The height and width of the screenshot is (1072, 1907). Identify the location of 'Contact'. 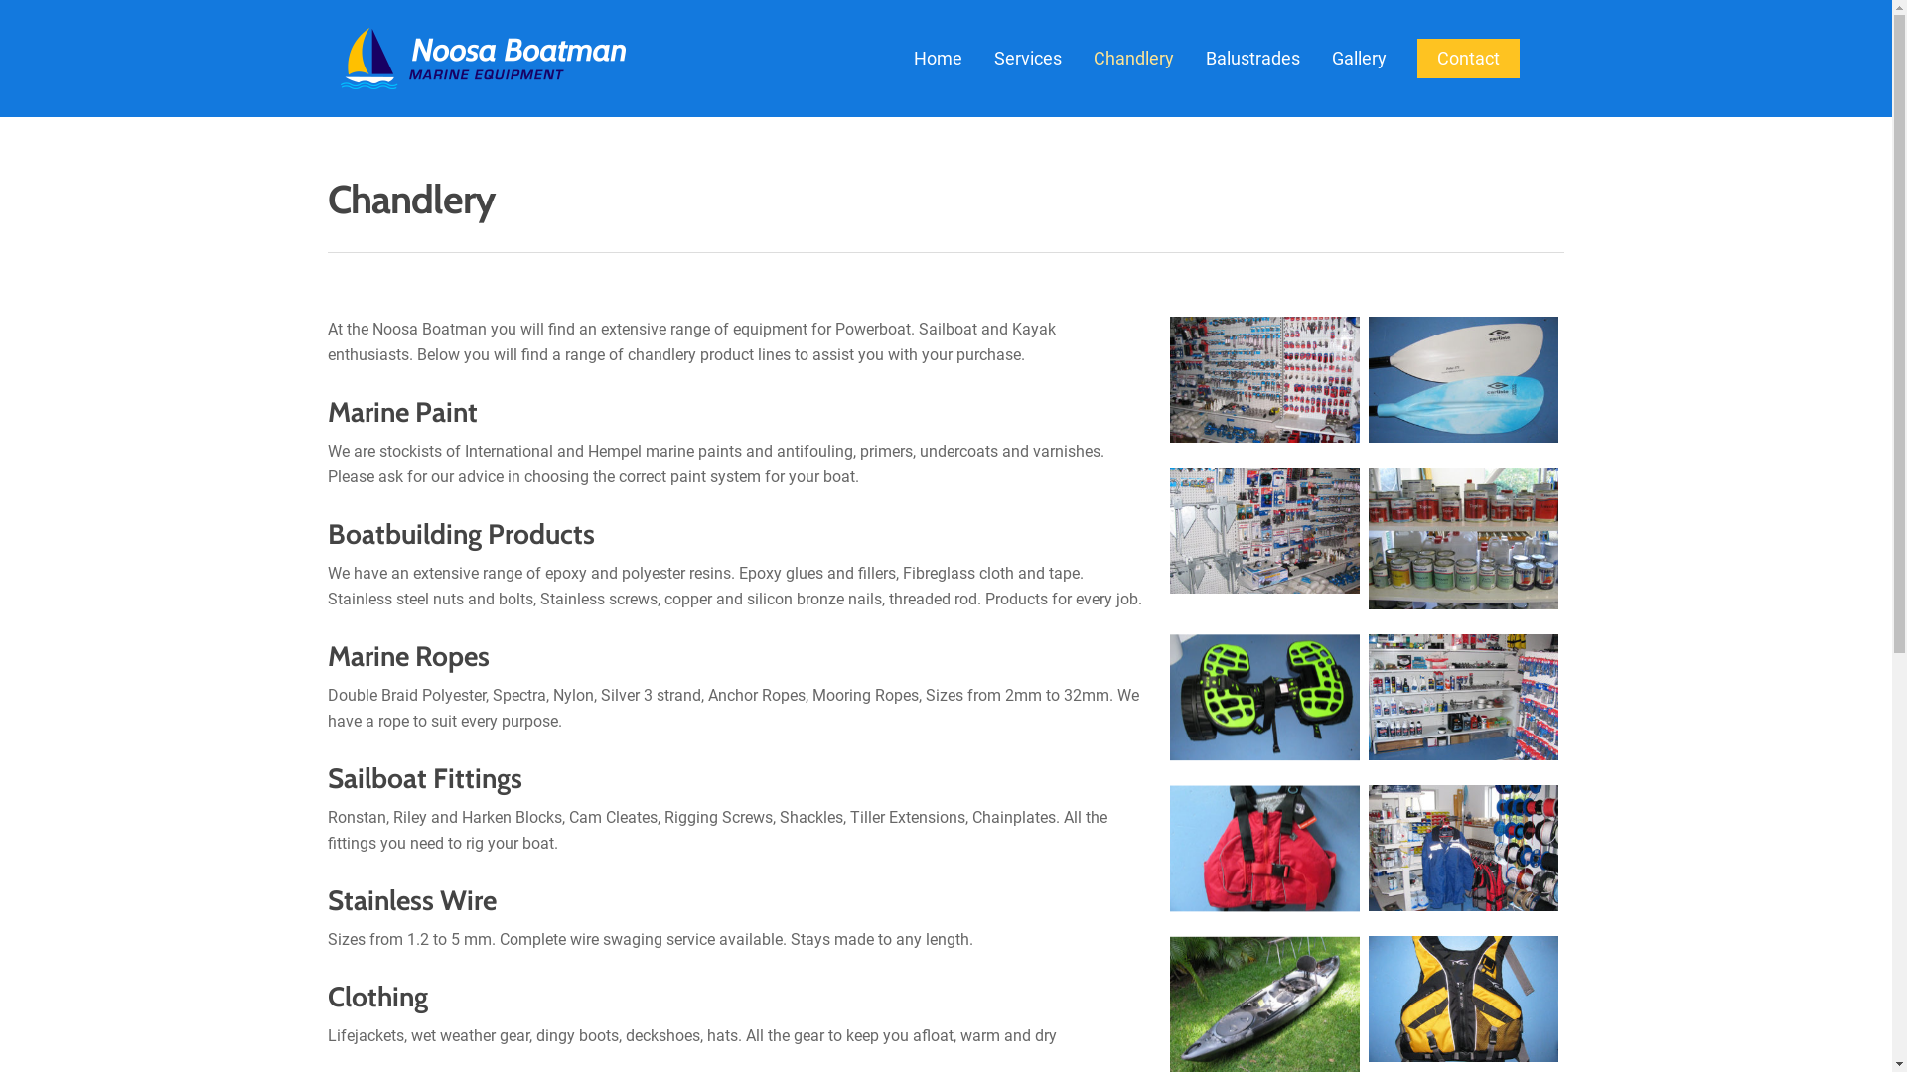
(1468, 57).